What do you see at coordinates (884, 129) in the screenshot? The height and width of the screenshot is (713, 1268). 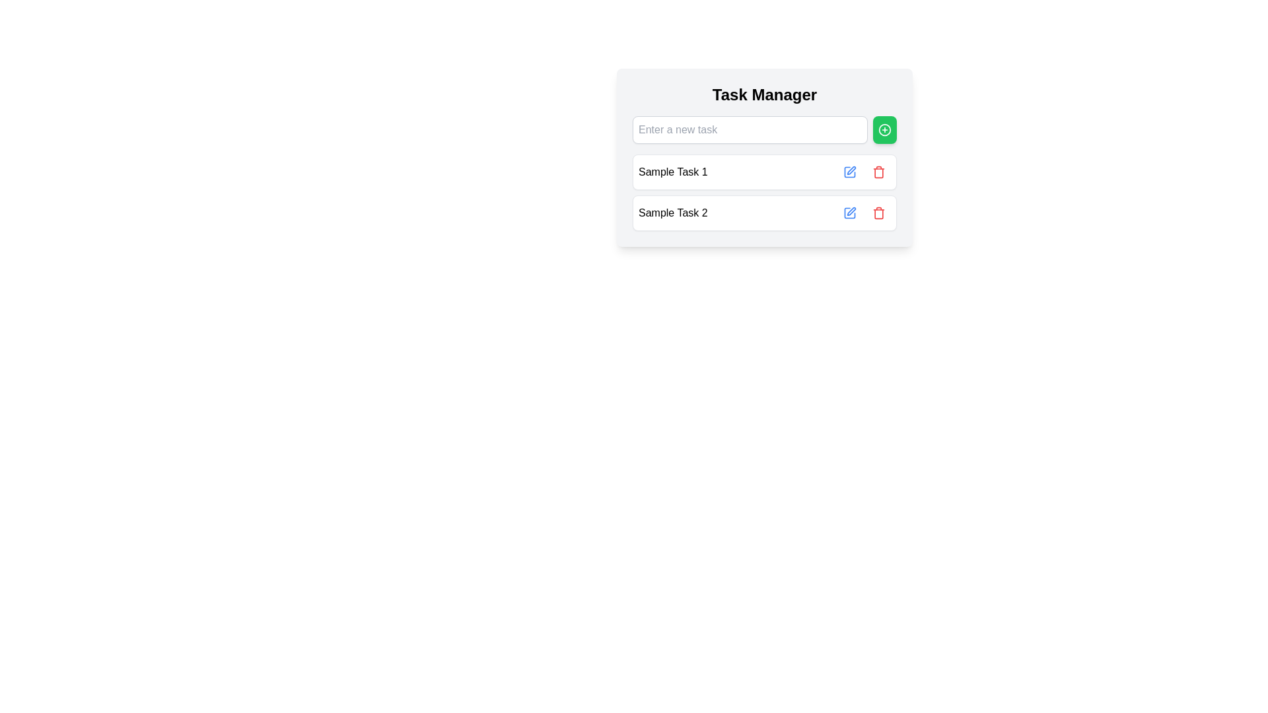 I see `the green button with a white '+' icon located to the right of the 'Enter a new task' input field in the task manager interface` at bounding box center [884, 129].